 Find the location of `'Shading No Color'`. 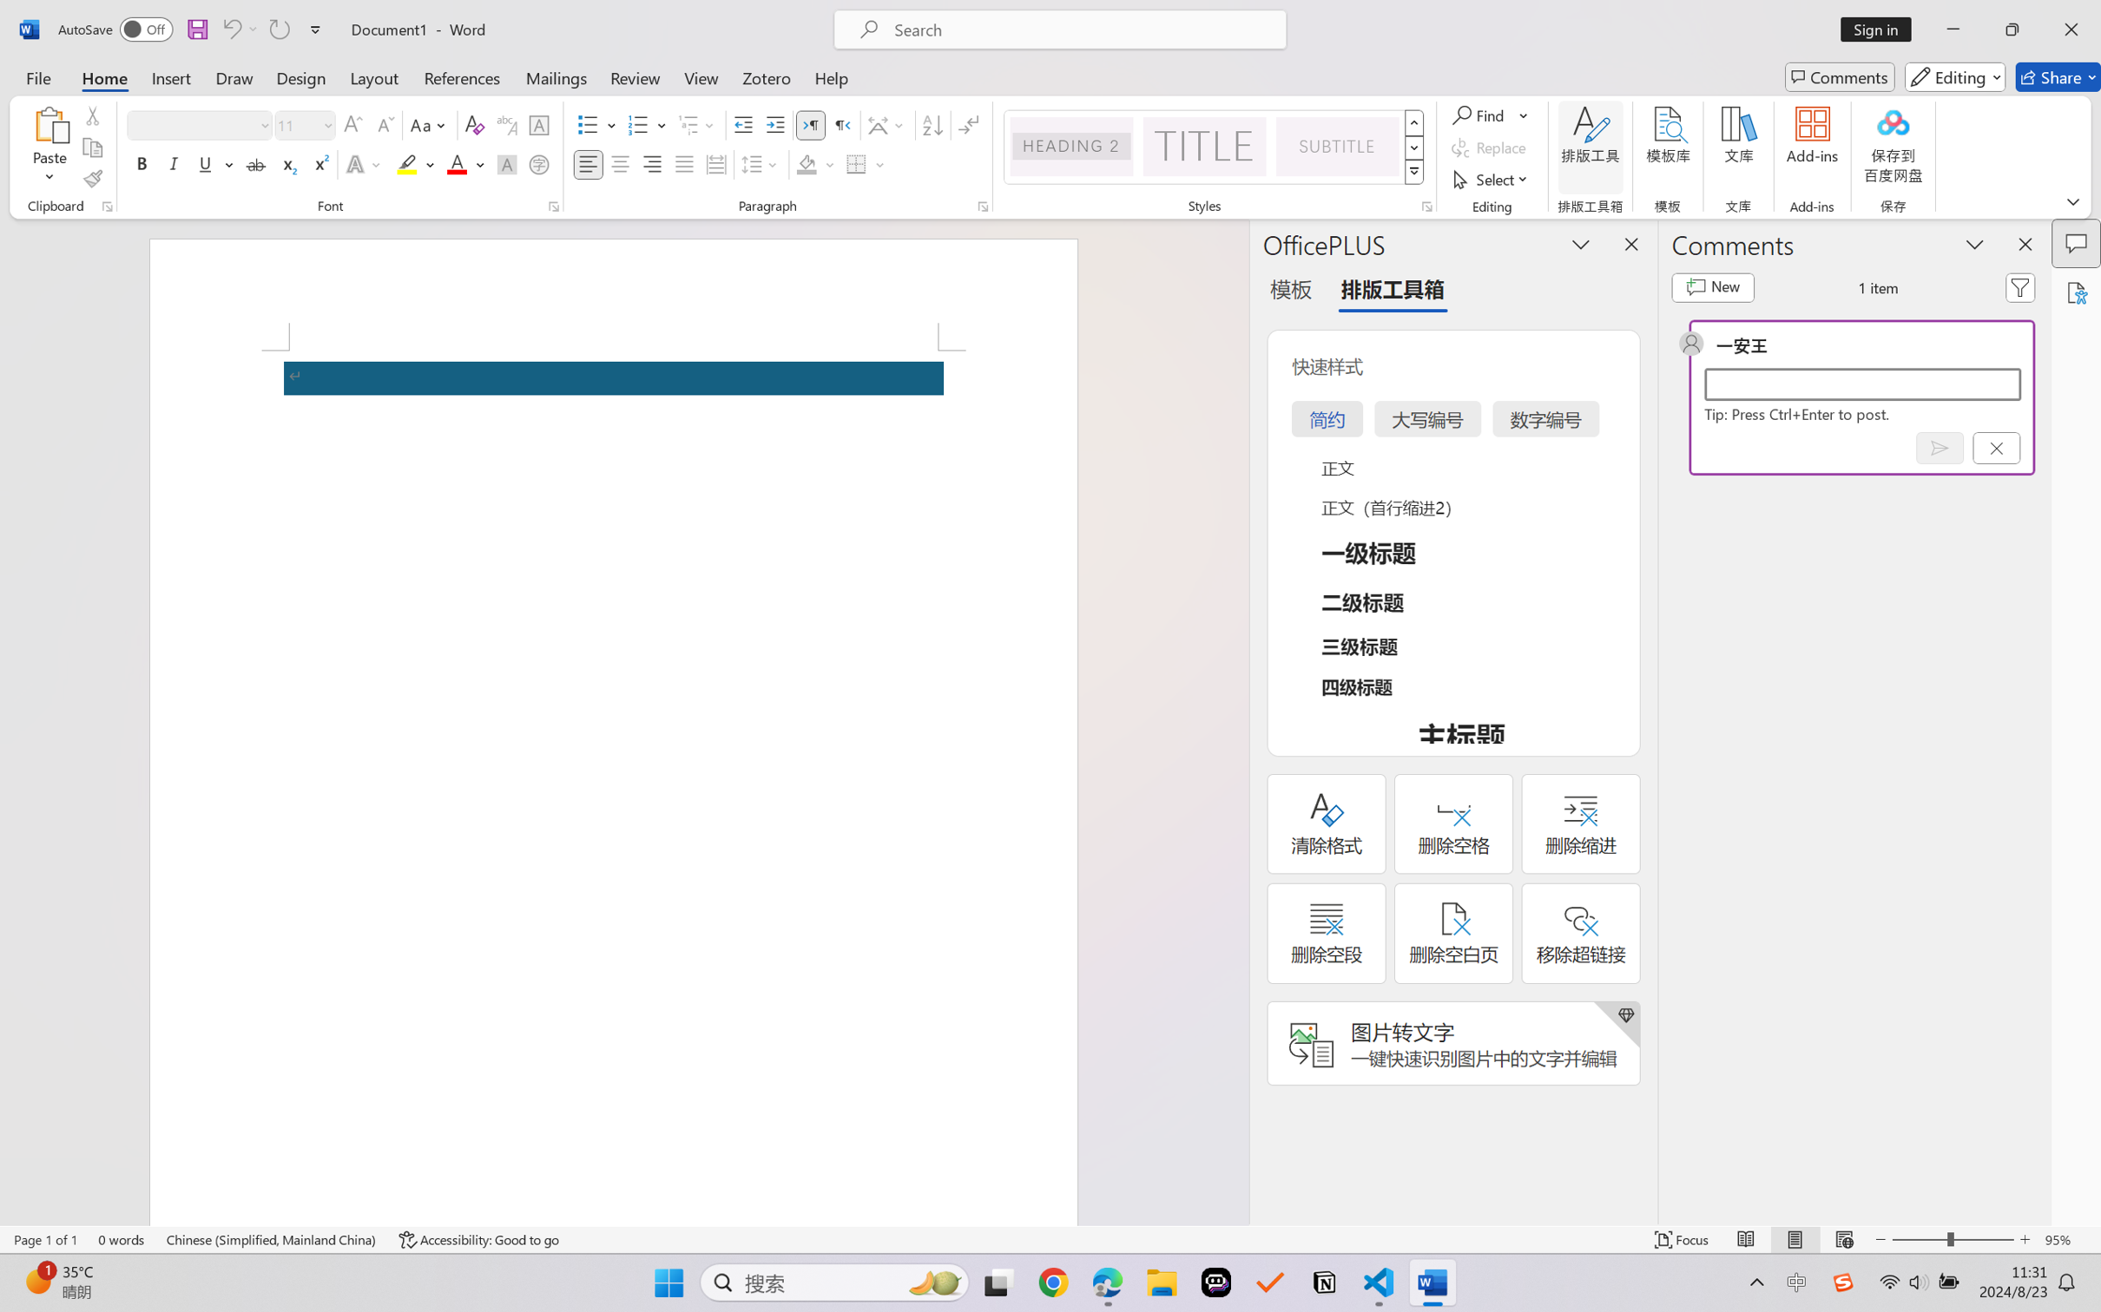

'Shading No Color' is located at coordinates (806, 163).